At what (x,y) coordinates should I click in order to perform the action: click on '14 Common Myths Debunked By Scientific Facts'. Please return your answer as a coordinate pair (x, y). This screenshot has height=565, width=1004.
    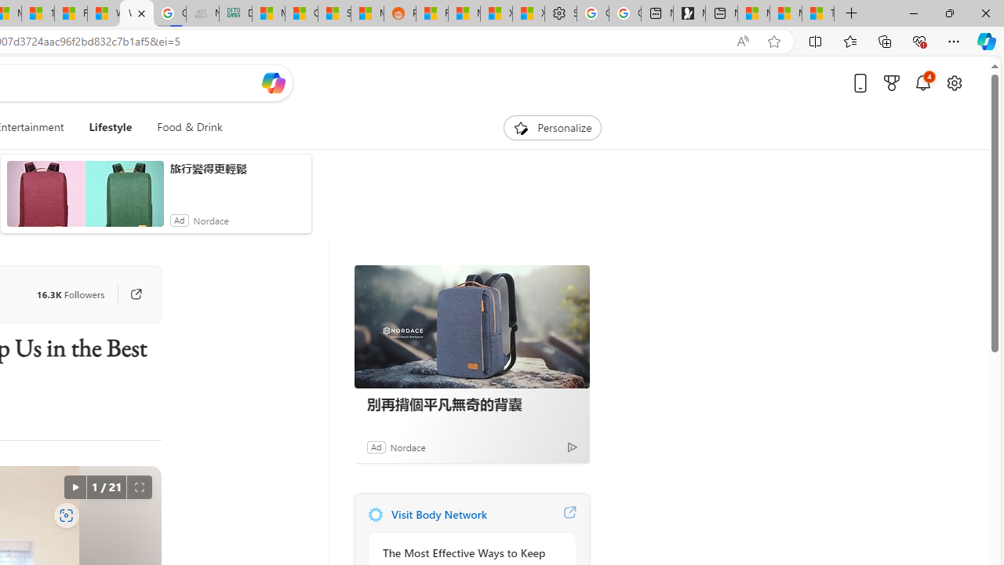
    Looking at the image, I should click on (38, 13).